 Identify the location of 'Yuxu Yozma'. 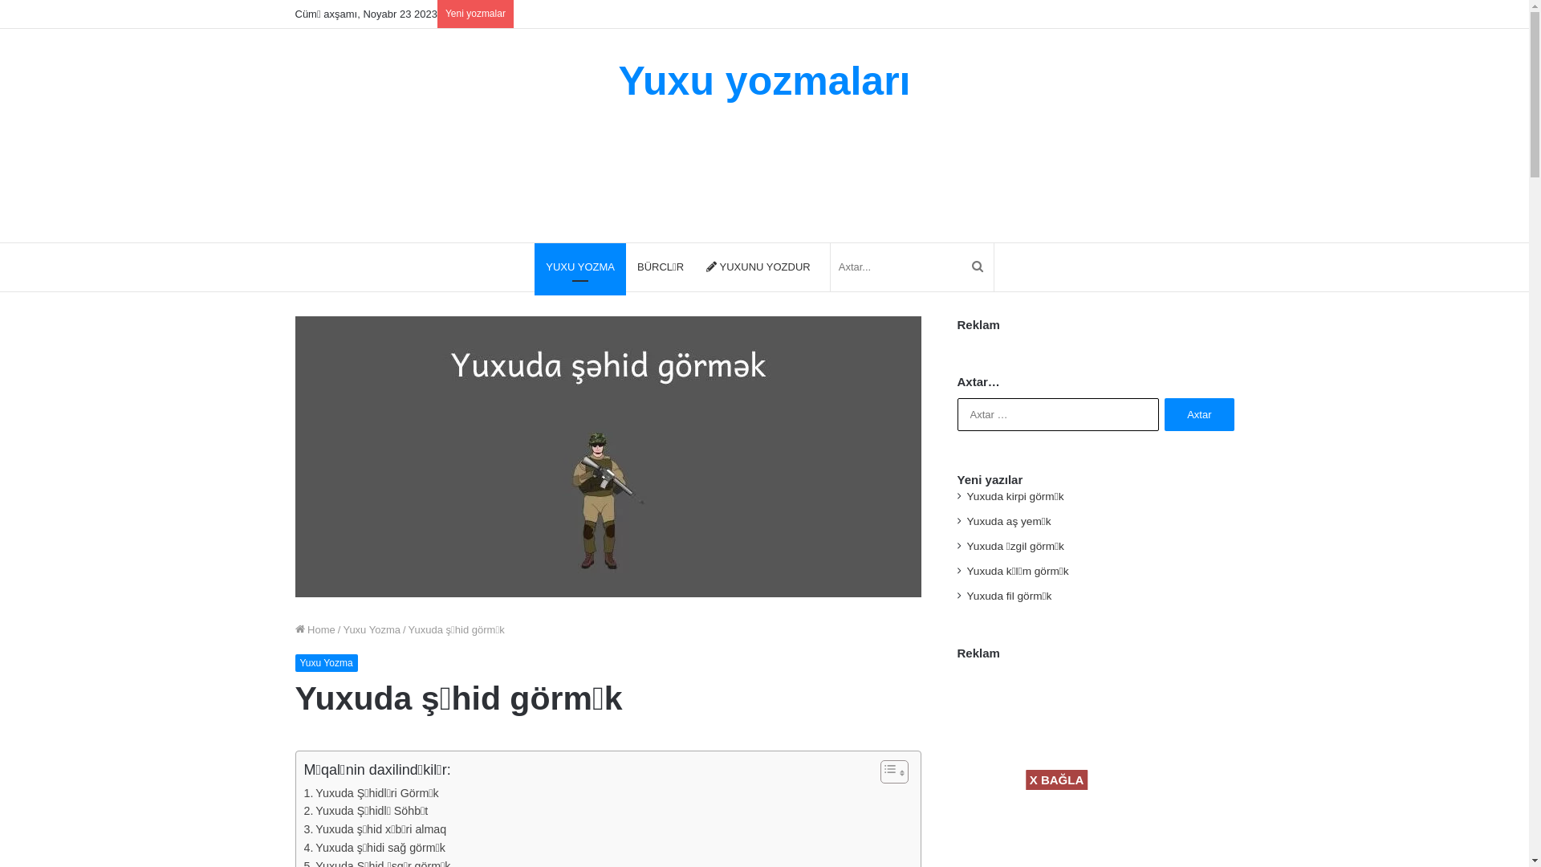
(370, 629).